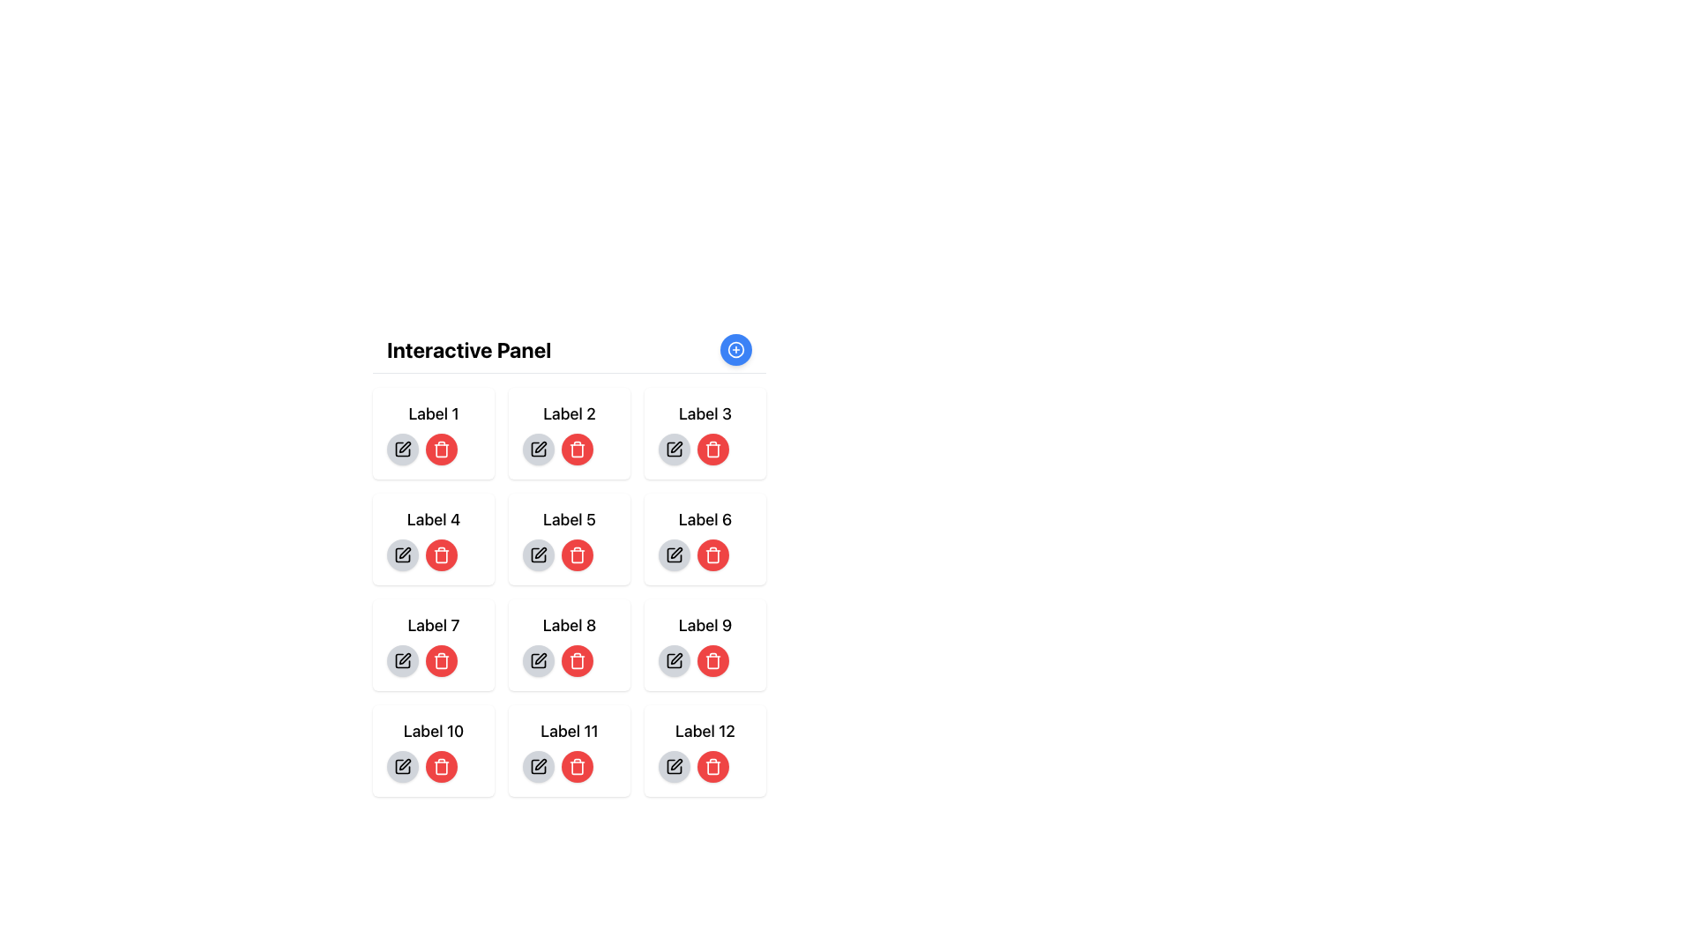 The width and height of the screenshot is (1693, 952). I want to click on the first icon in the 'Interactive Panel' section, located directly under Label 6 in the second row of the grid layout, so click(673, 554).